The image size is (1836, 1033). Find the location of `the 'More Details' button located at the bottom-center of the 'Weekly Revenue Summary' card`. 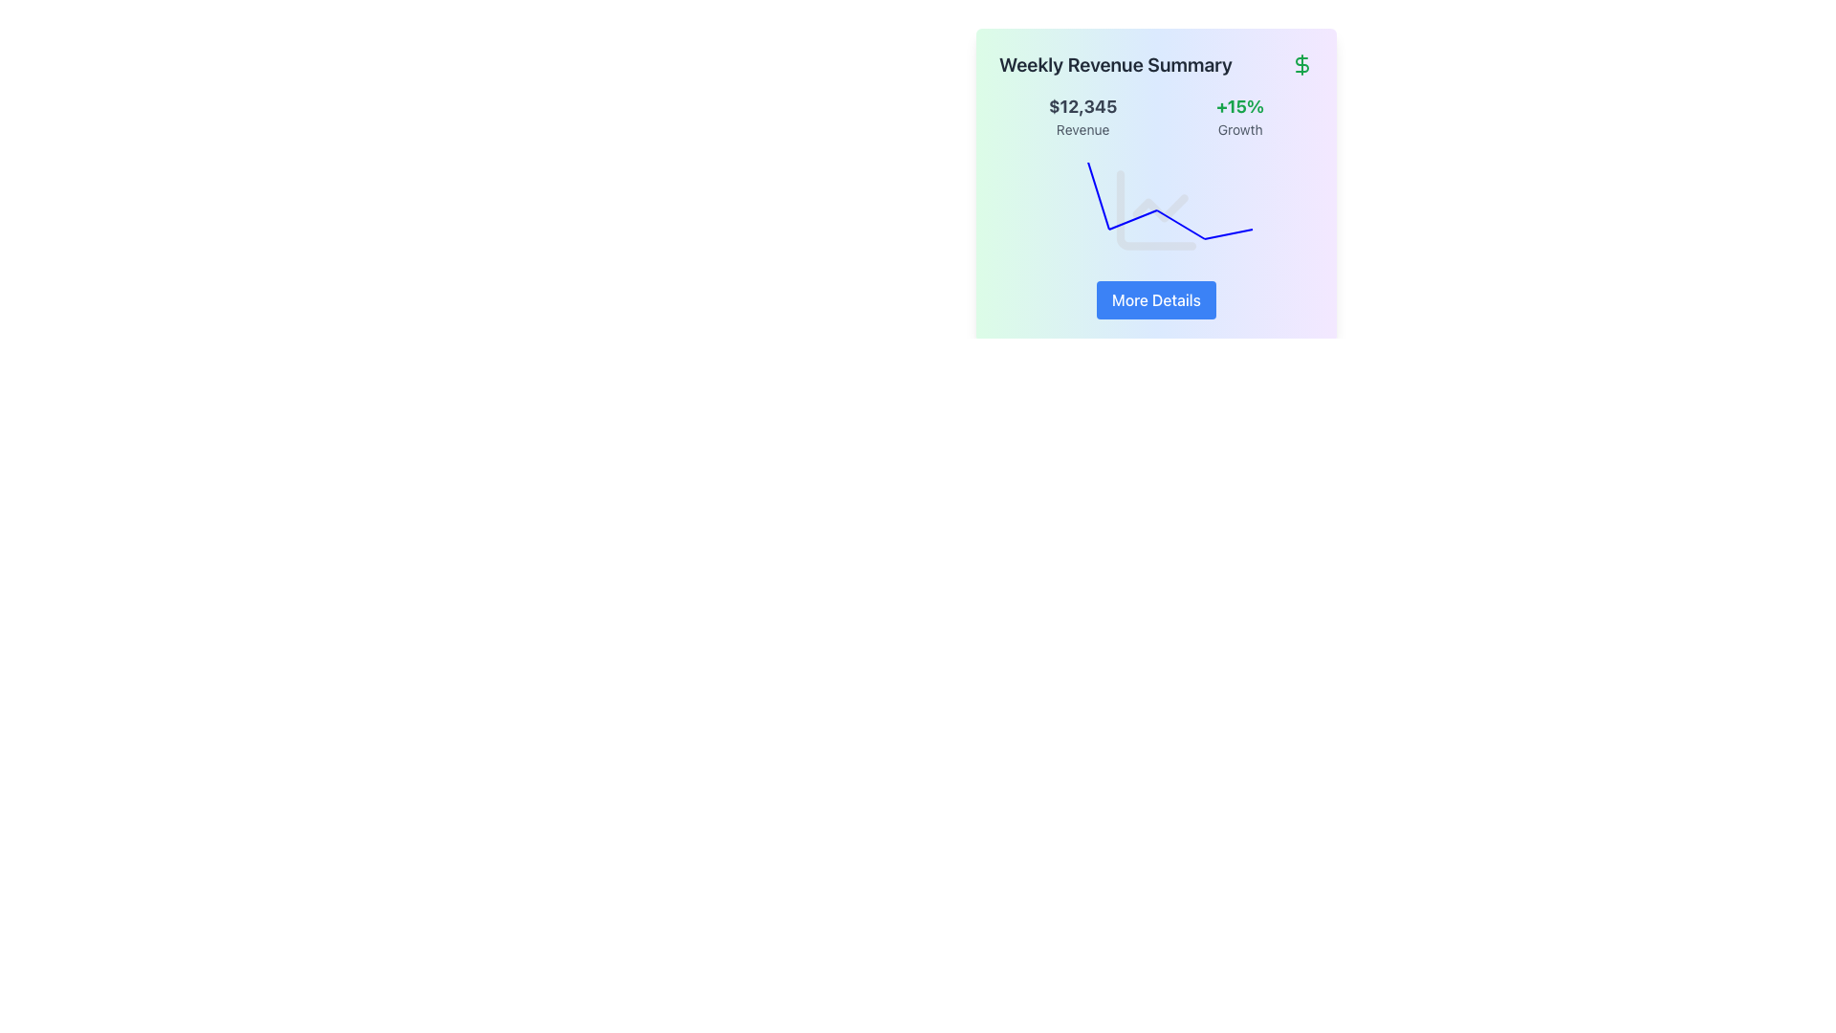

the 'More Details' button located at the bottom-center of the 'Weekly Revenue Summary' card is located at coordinates (1155, 299).